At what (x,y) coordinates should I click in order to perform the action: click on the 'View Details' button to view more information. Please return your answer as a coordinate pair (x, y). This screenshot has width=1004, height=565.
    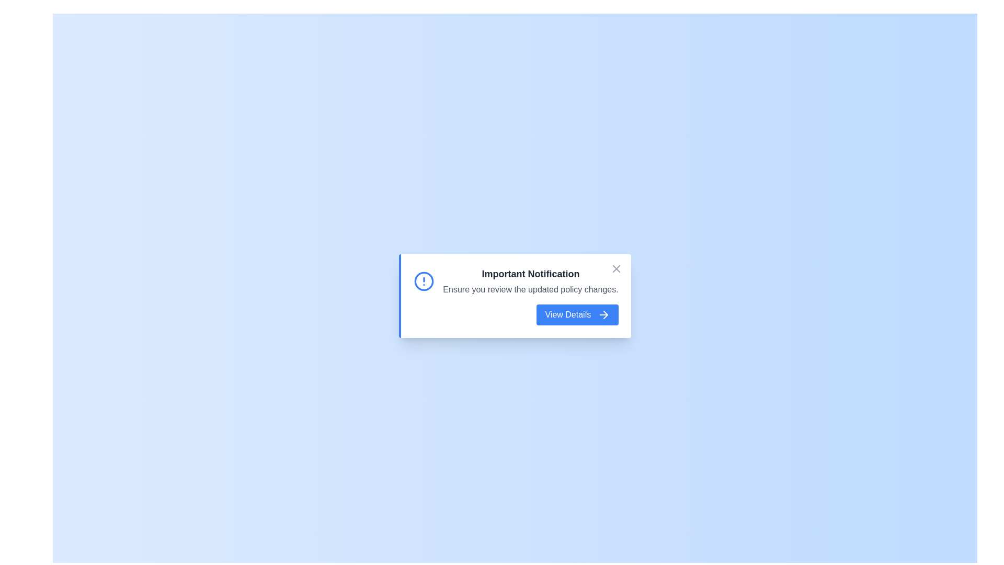
    Looking at the image, I should click on (577, 314).